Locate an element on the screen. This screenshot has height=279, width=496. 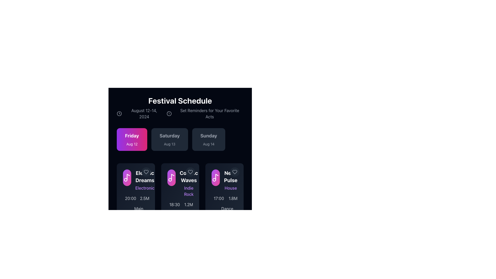
the informational label displaying 'Dance Arena', located at the bottom of the event details card, beneath the time and viewer count information is located at coordinates (224, 212).